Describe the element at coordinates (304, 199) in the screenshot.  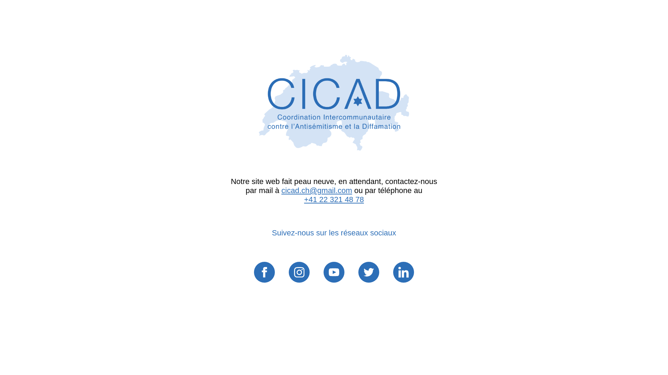
I see `'+41 22 321 48 78'` at that location.